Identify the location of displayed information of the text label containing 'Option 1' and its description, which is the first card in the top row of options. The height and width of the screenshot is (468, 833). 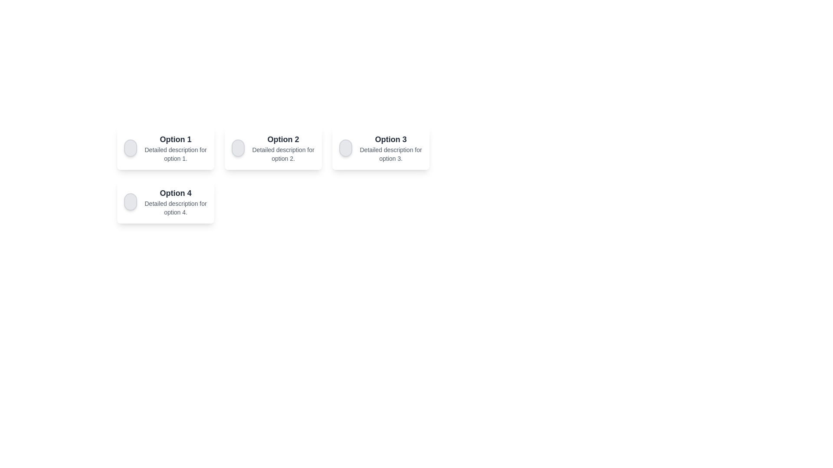
(175, 148).